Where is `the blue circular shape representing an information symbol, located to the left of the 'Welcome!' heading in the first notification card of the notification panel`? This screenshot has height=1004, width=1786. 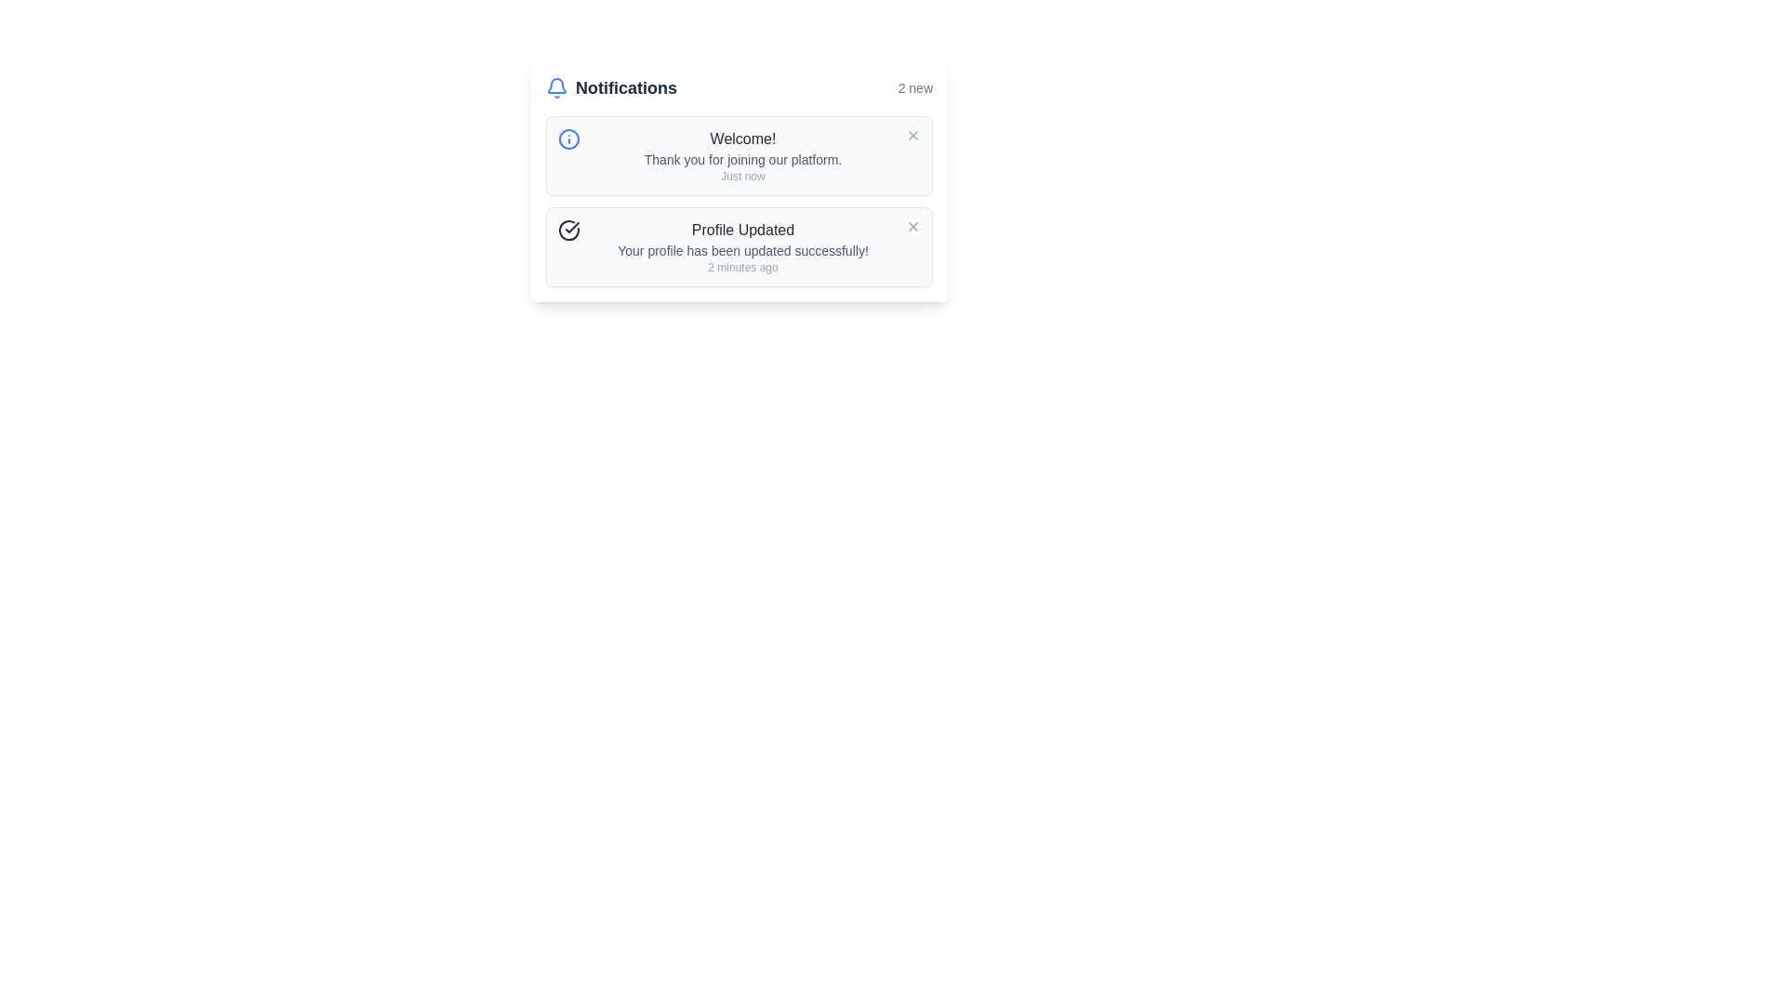
the blue circular shape representing an information symbol, located to the left of the 'Welcome!' heading in the first notification card of the notification panel is located at coordinates (567, 139).